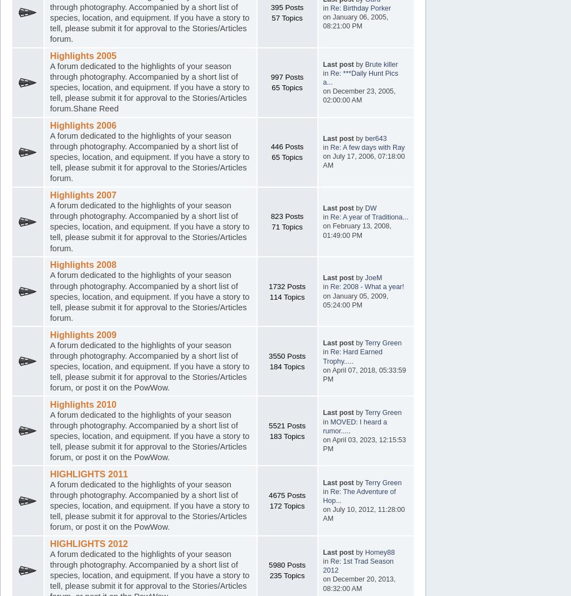 The image size is (571, 596). What do you see at coordinates (367, 147) in the screenshot?
I see `'Re: A few days with Ray'` at bounding box center [367, 147].